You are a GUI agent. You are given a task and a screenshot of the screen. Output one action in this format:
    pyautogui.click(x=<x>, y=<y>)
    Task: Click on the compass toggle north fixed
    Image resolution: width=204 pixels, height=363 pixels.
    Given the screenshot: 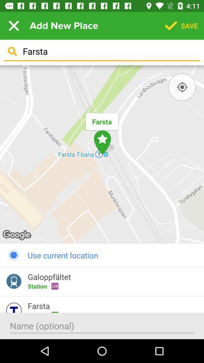 What is the action you would take?
    pyautogui.click(x=182, y=87)
    